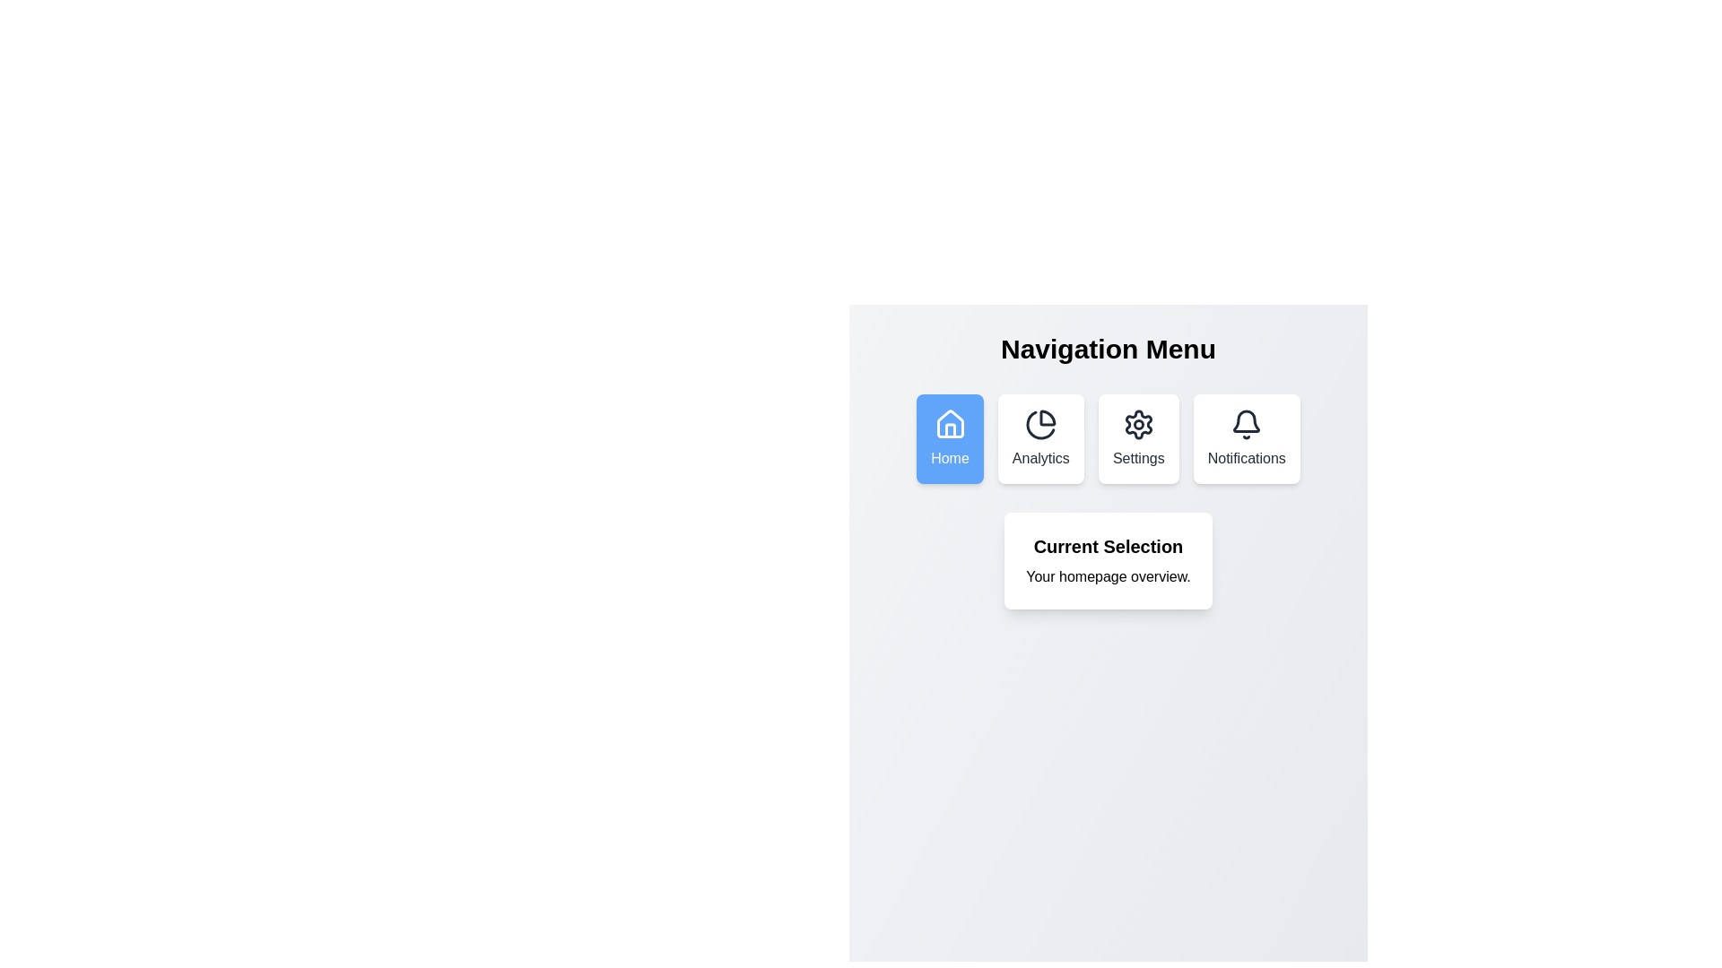  What do you see at coordinates (1040, 438) in the screenshot?
I see `the menu item labeled Analytics to navigate to the corresponding section` at bounding box center [1040, 438].